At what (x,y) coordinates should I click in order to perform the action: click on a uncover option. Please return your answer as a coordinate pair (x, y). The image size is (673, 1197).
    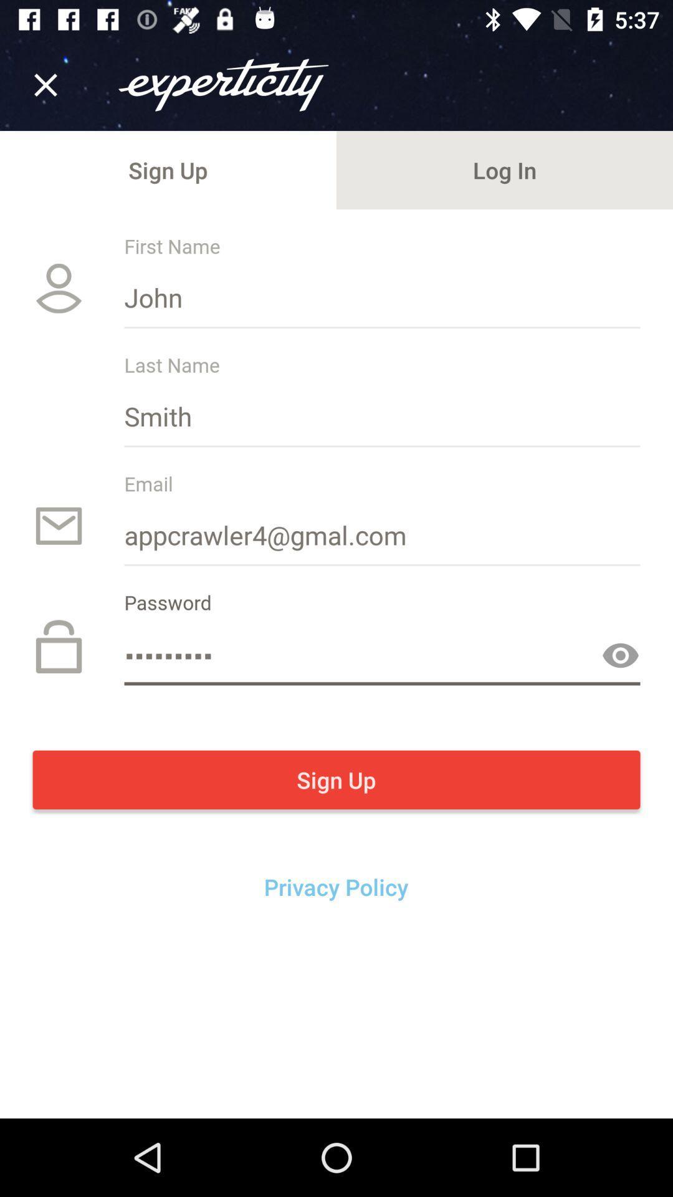
    Looking at the image, I should click on (620, 655).